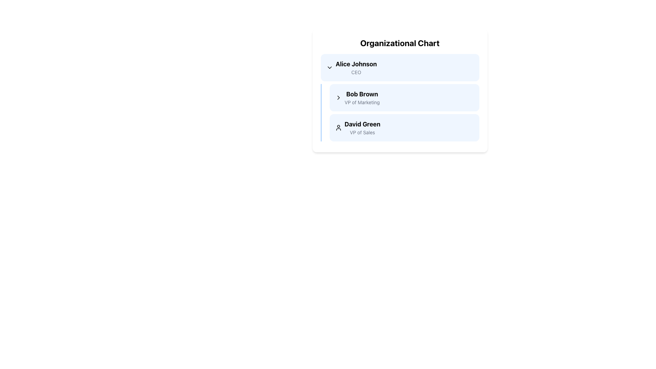 The height and width of the screenshot is (369, 656). What do you see at coordinates (338, 97) in the screenshot?
I see `the icon next to 'Bob Brown' in the organizational chart` at bounding box center [338, 97].